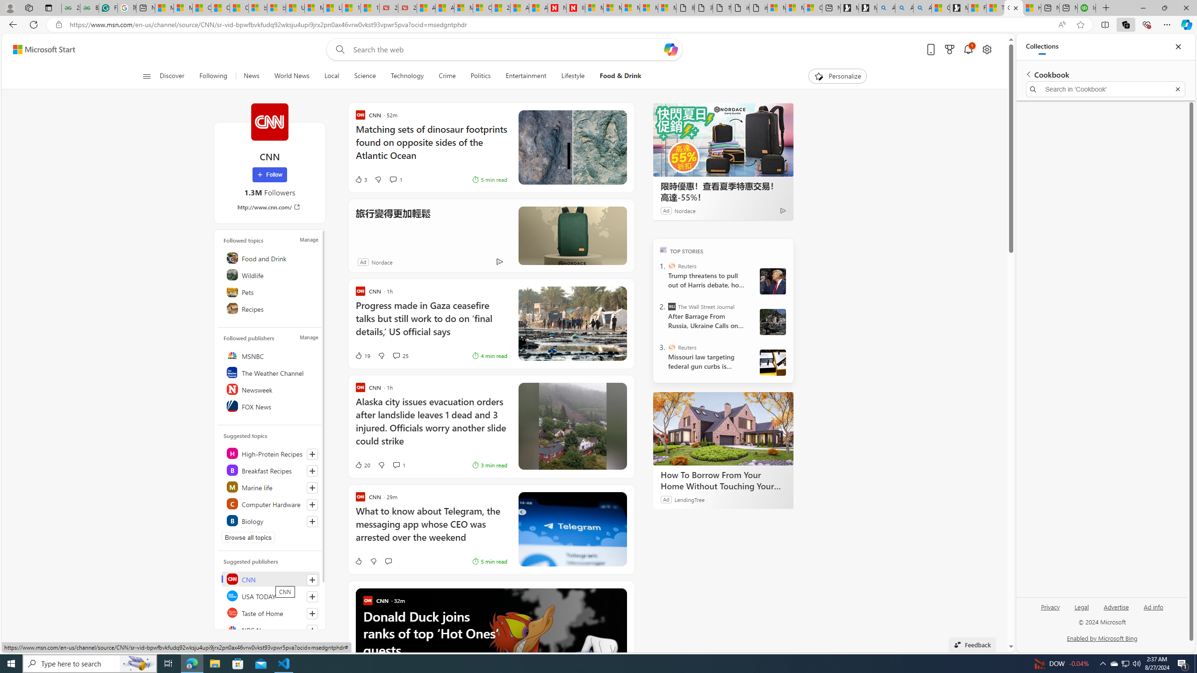  Describe the element at coordinates (1105, 89) in the screenshot. I see `'Search in '` at that location.